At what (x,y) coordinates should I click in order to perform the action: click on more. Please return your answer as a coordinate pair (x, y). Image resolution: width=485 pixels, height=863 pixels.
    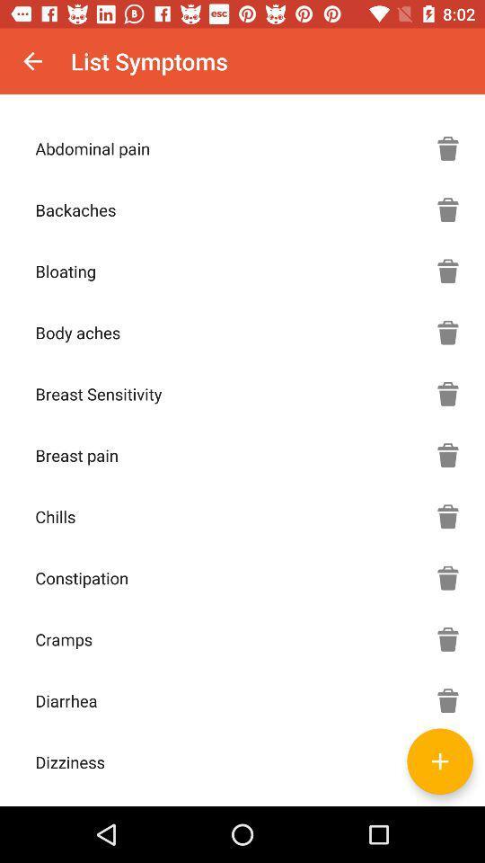
    Looking at the image, I should click on (439, 761).